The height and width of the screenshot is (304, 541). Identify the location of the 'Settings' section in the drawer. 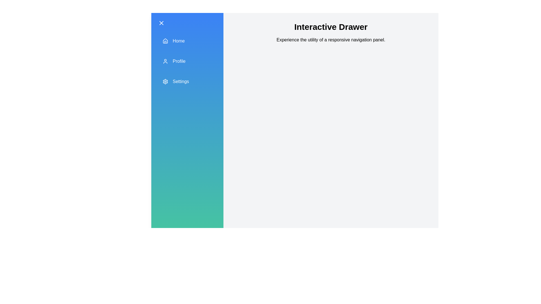
(187, 81).